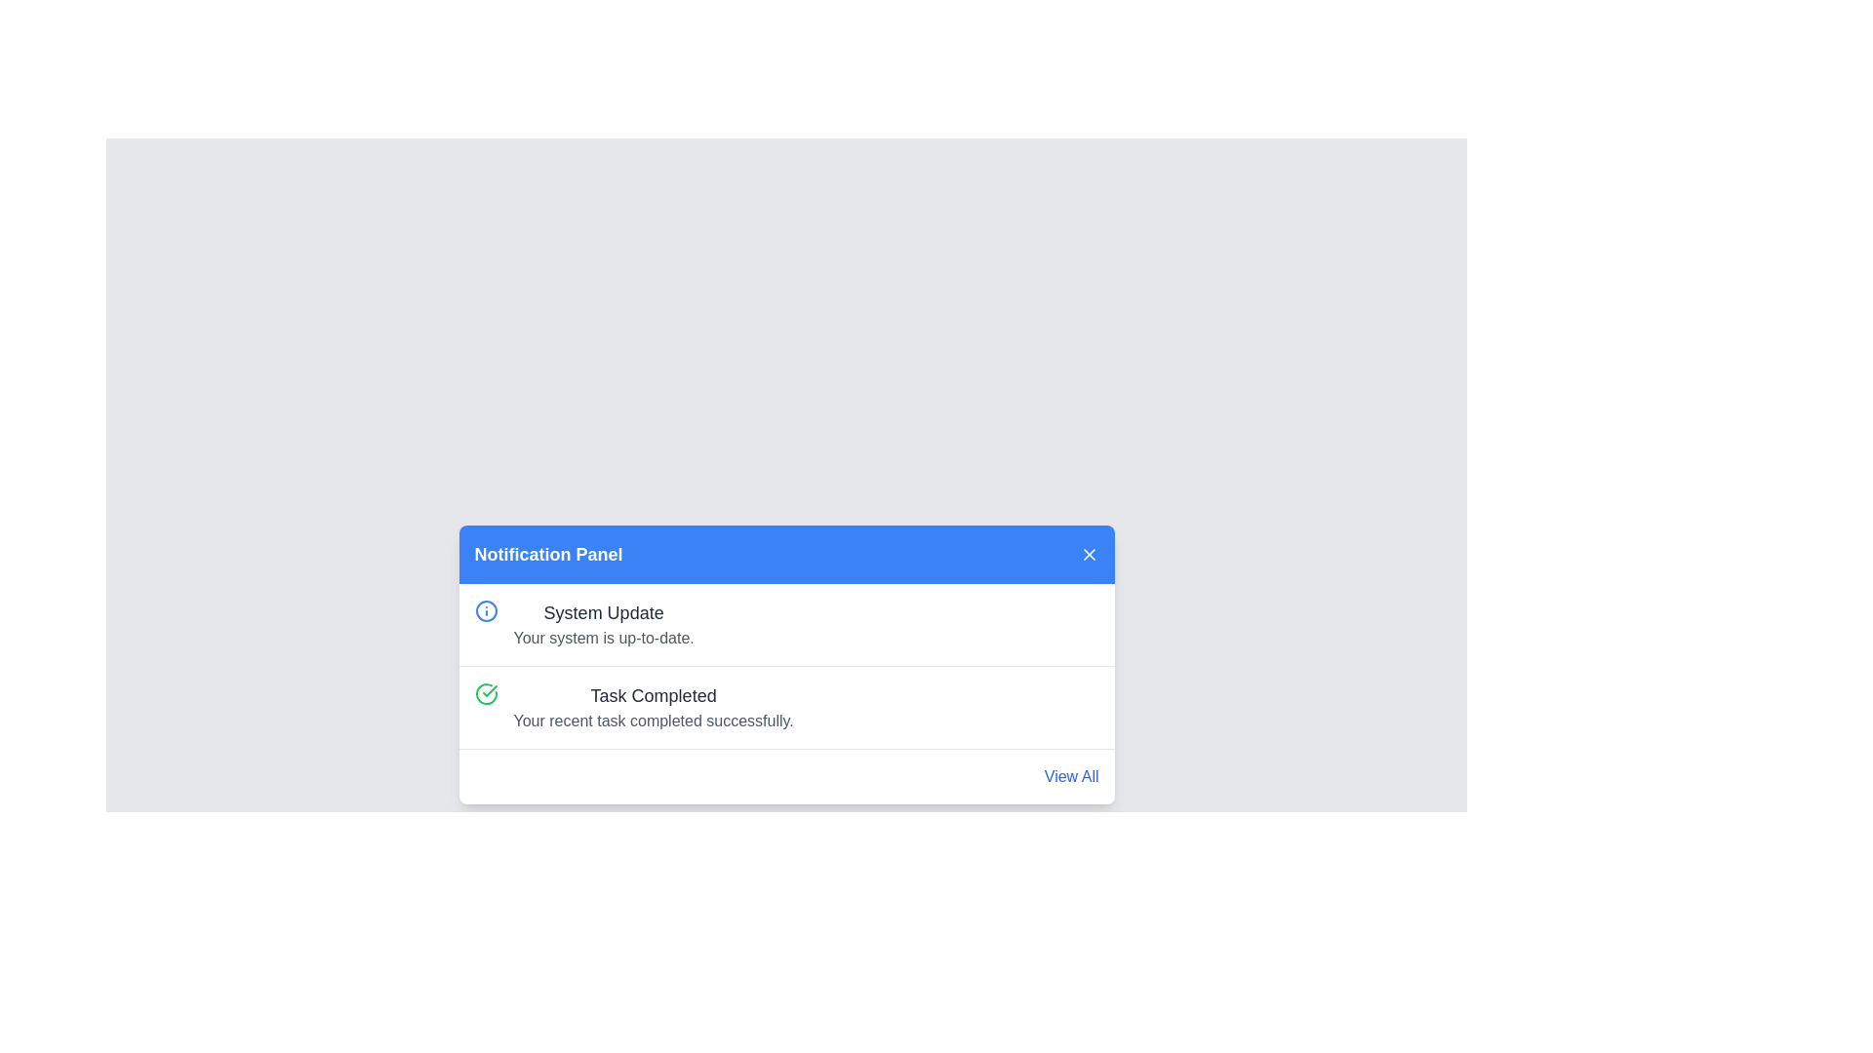 Image resolution: width=1873 pixels, height=1053 pixels. I want to click on the small blue 'X' button located at the far right of the 'Notification Panel' header bar, so click(1088, 555).